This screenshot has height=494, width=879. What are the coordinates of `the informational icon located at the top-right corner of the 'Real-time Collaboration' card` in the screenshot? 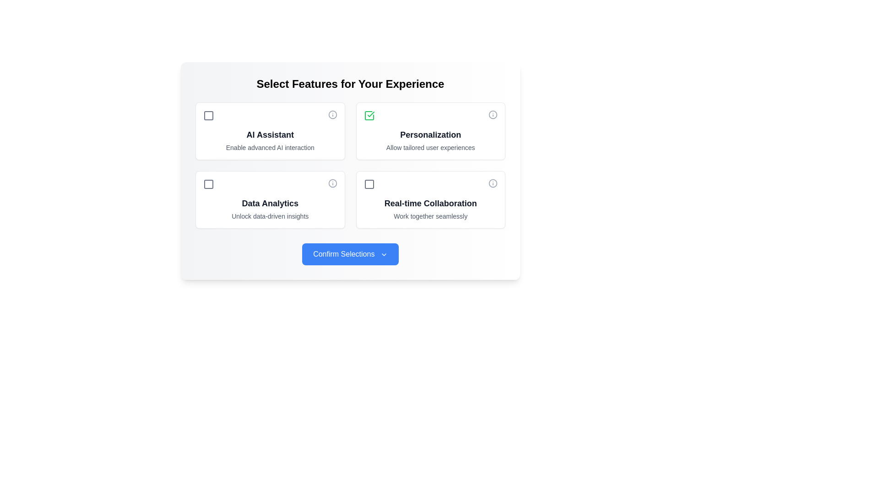 It's located at (492, 183).